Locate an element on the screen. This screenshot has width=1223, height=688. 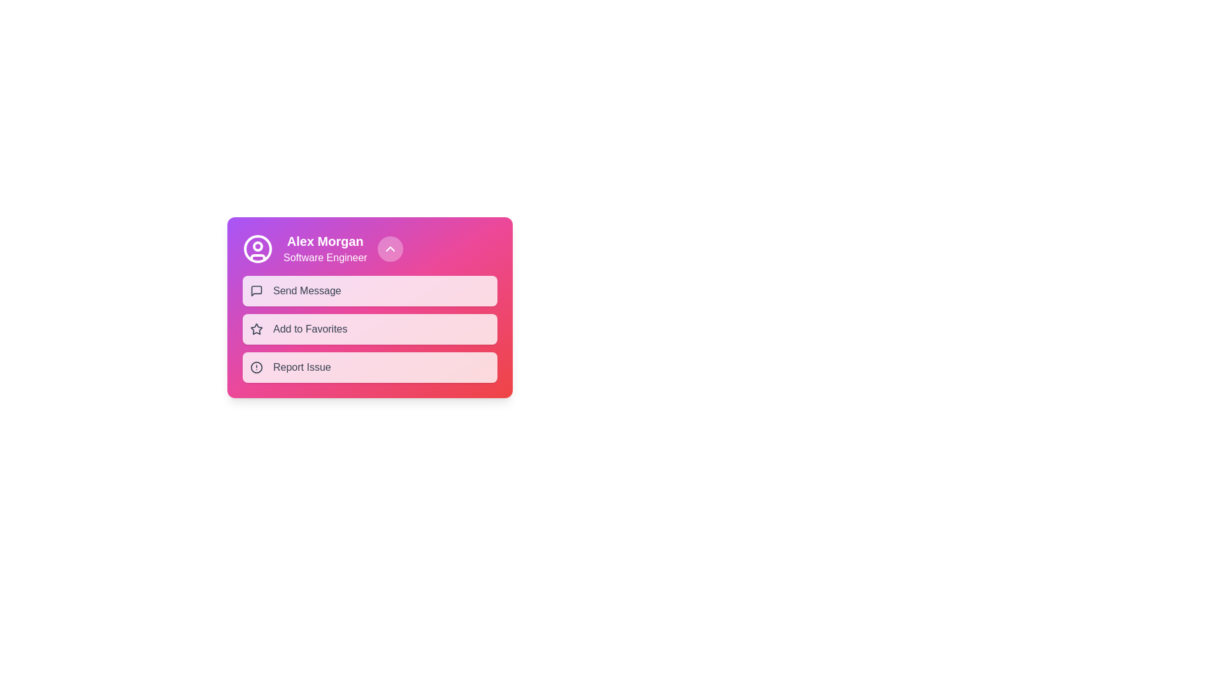
the text label displaying the professional title of Alex Morgan, located directly below the name within the profile card is located at coordinates (325, 258).